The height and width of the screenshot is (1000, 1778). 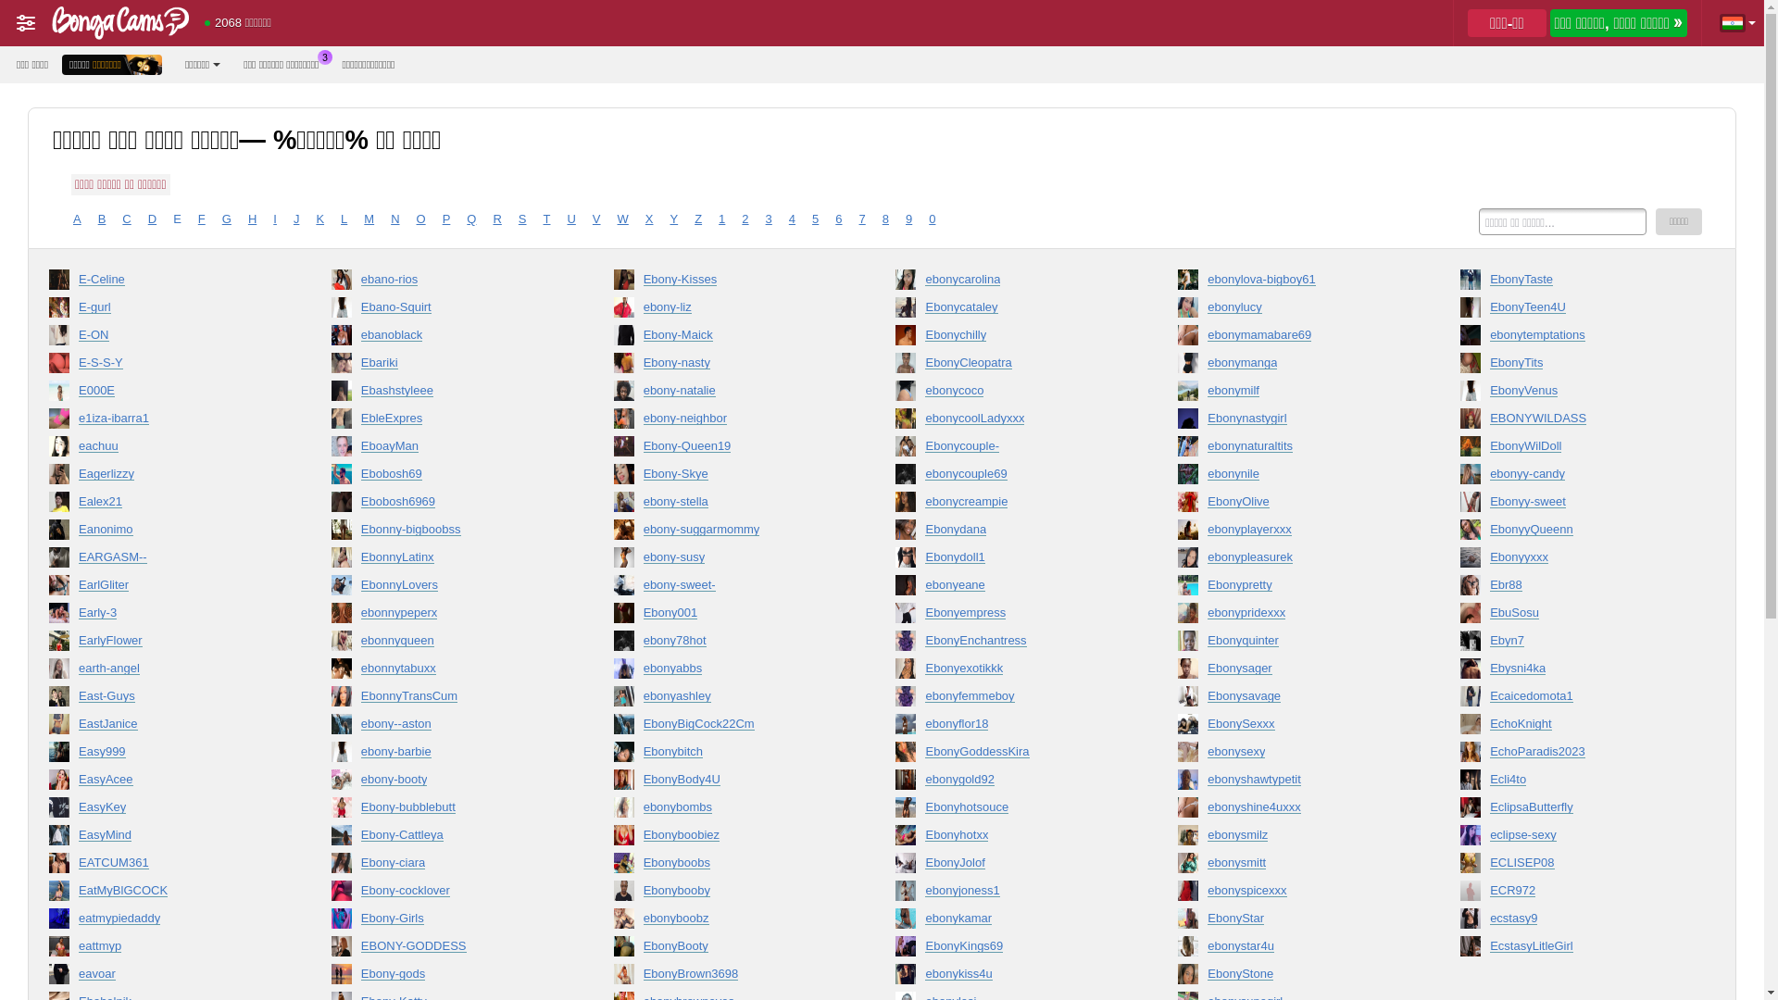 What do you see at coordinates (1292, 727) in the screenshot?
I see `'EbonySexxx'` at bounding box center [1292, 727].